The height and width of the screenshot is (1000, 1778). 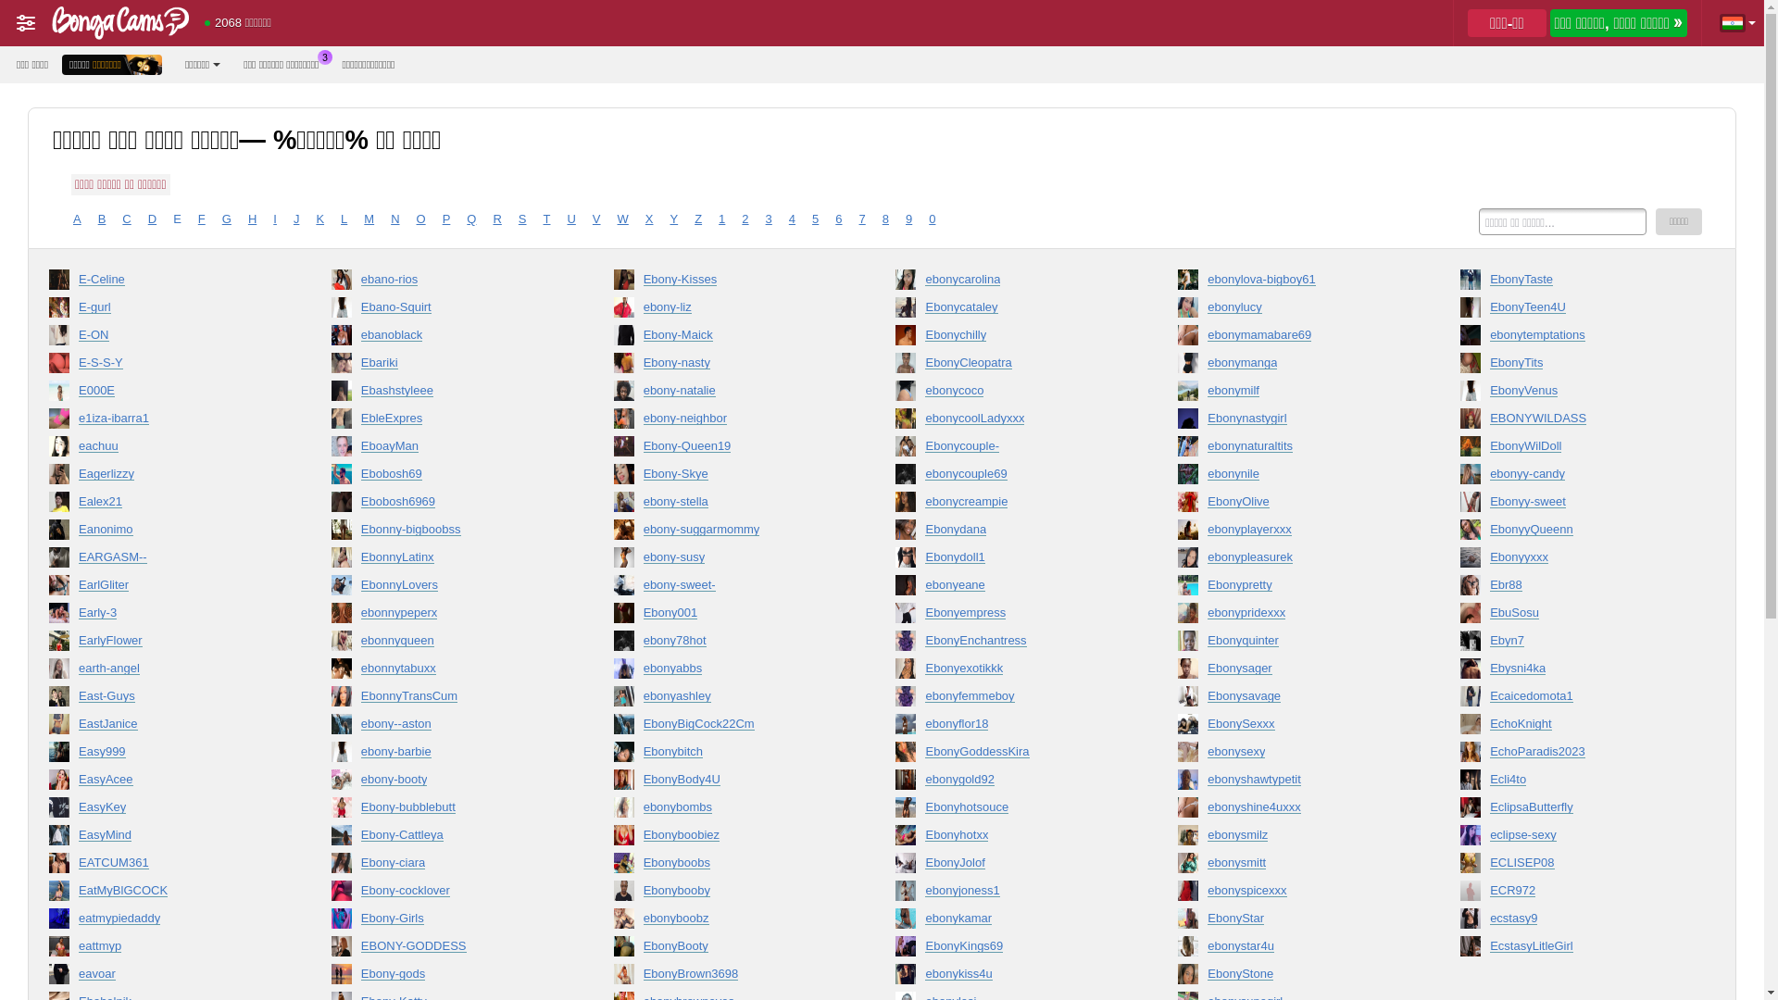 What do you see at coordinates (1292, 727) in the screenshot?
I see `'EbonySexxx'` at bounding box center [1292, 727].